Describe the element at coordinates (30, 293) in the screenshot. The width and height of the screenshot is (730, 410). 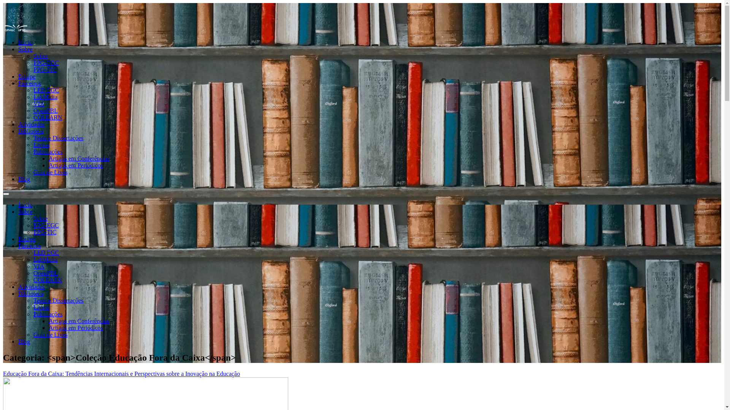
I see `'Biblioteca'` at that location.